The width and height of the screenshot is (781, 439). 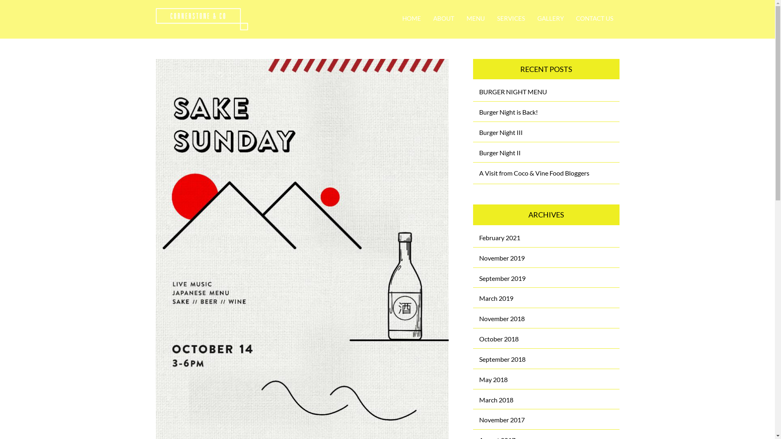 What do you see at coordinates (500, 132) in the screenshot?
I see `'Burger Night III'` at bounding box center [500, 132].